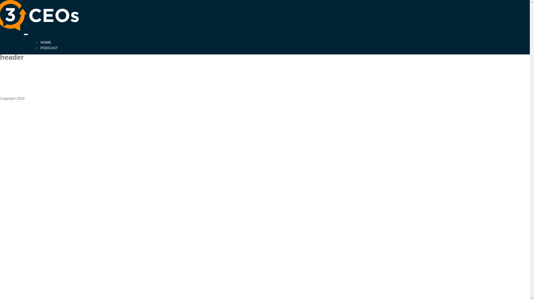  What do you see at coordinates (49, 47) in the screenshot?
I see `'PODCAST'` at bounding box center [49, 47].